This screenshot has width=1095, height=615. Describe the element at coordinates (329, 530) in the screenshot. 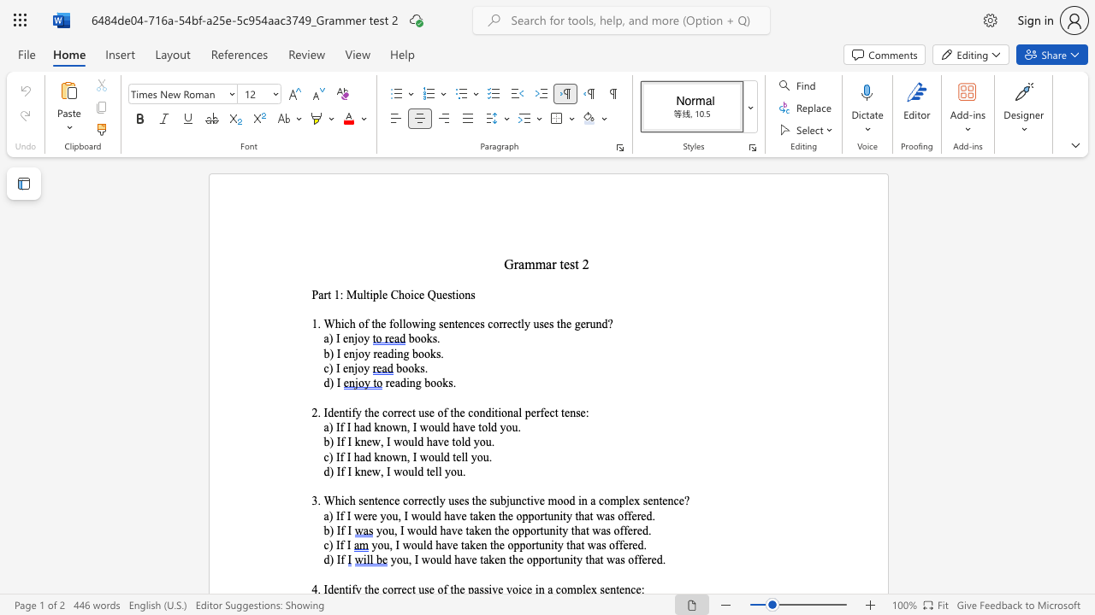

I see `the subset text ") If" within the text "b) If I"` at that location.